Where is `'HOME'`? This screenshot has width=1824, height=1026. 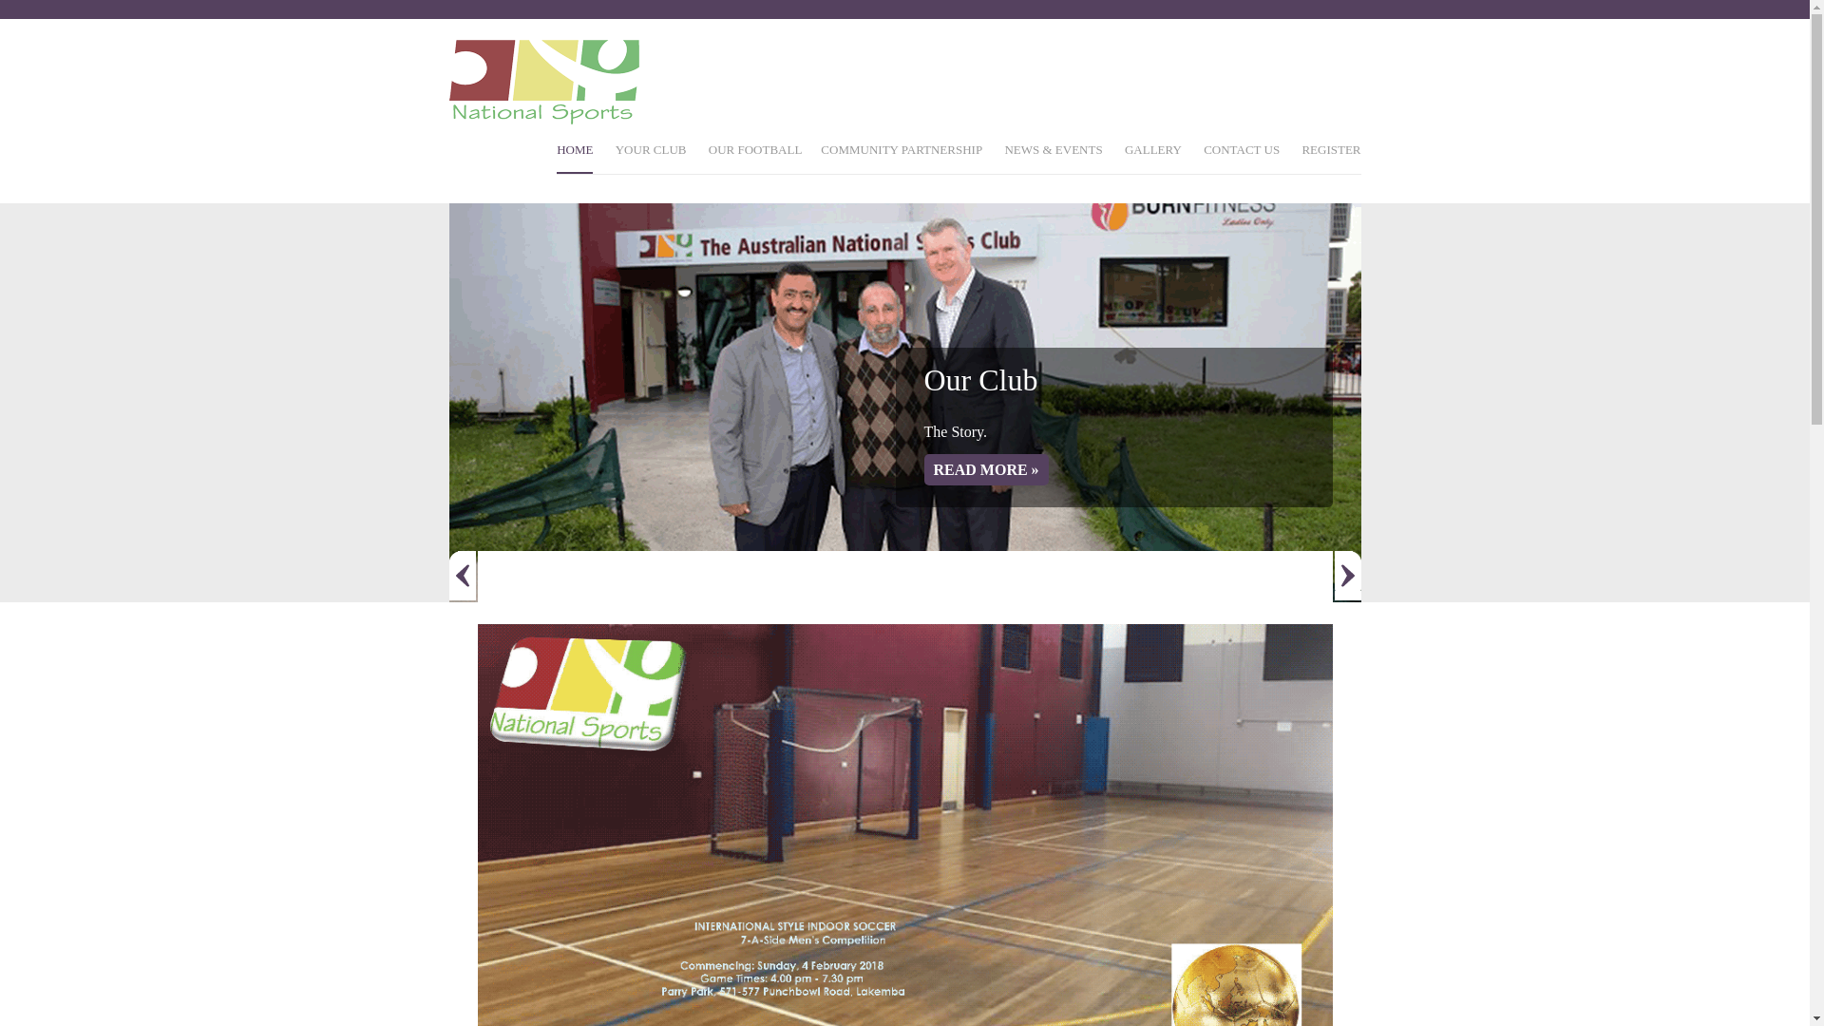 'HOME' is located at coordinates (555, 157).